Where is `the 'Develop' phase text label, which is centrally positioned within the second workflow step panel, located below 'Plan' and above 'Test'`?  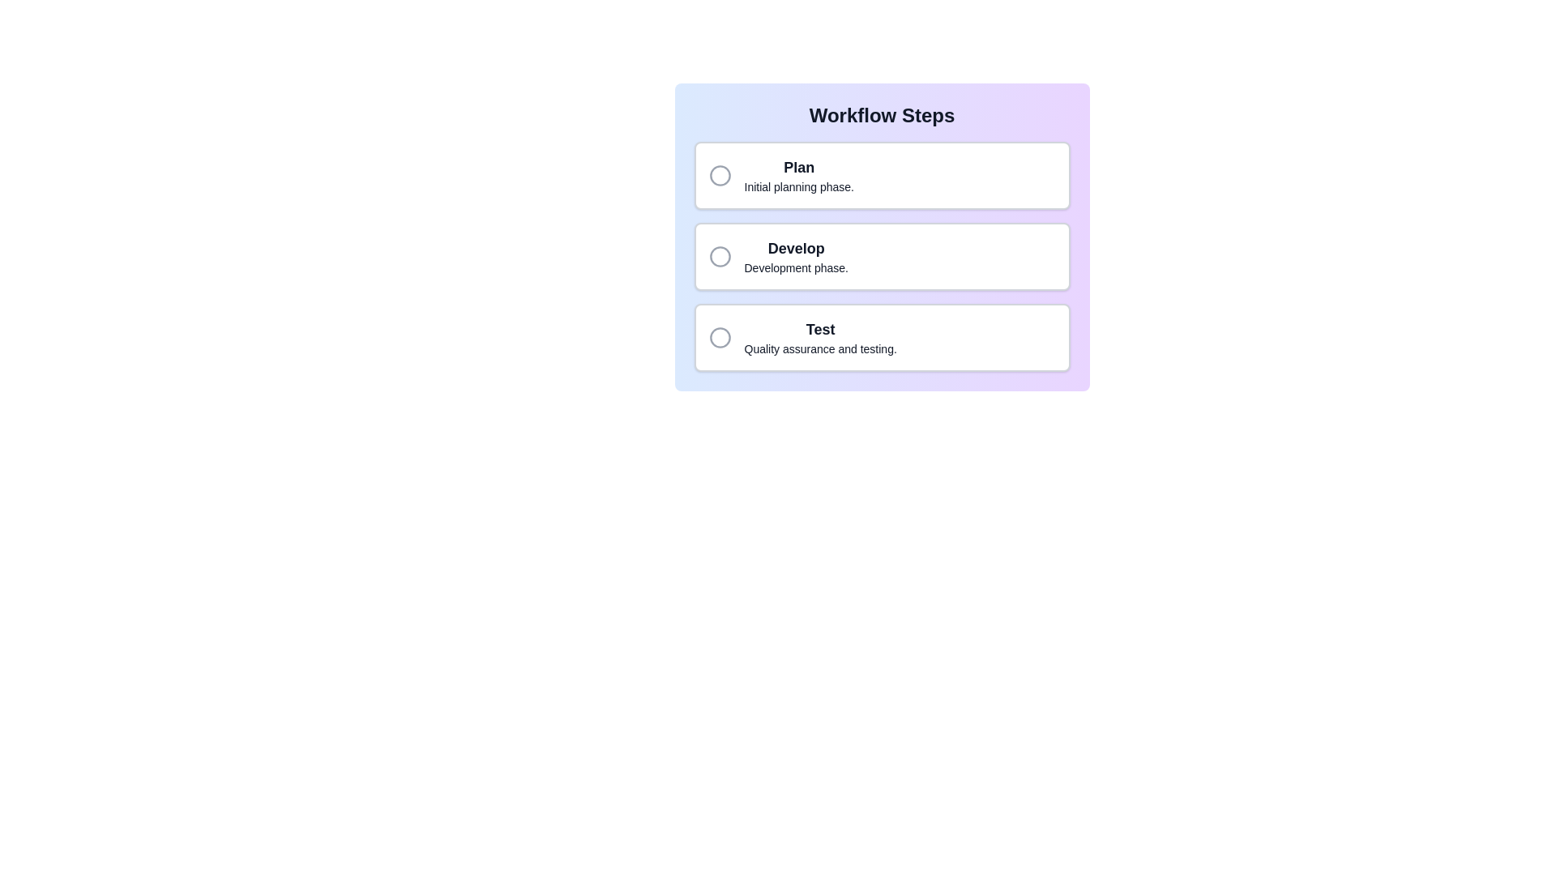
the 'Develop' phase text label, which is centrally positioned within the second workflow step panel, located below 'Plan' and above 'Test' is located at coordinates (796, 249).